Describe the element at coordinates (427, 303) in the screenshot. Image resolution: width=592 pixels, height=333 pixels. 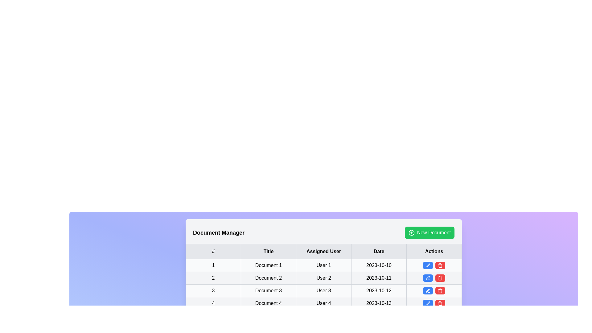
I see `the 'Edit' icon within the blue button located in the 'Actions' column of the fourth row of the table` at that location.